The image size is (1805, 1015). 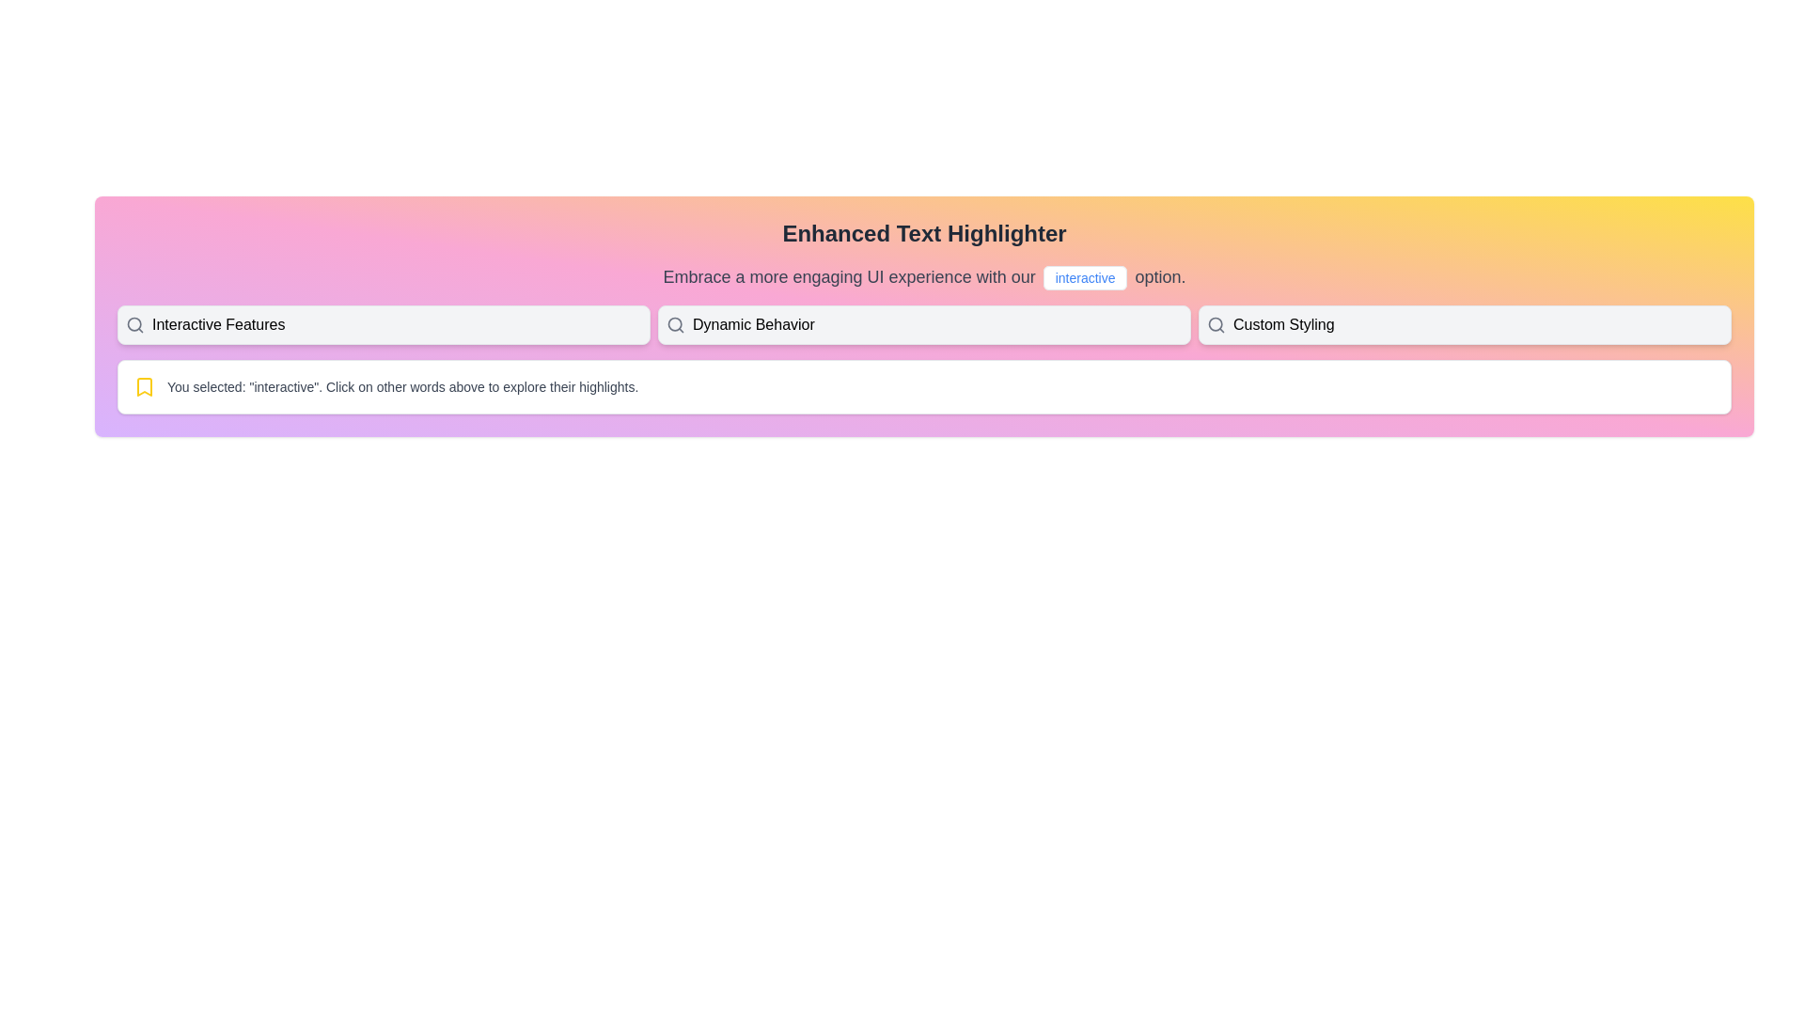 I want to click on the Interactive button labeled 'Dynamic Behavior' which is the second item in a horizontal group of three buttons, so click(x=924, y=324).